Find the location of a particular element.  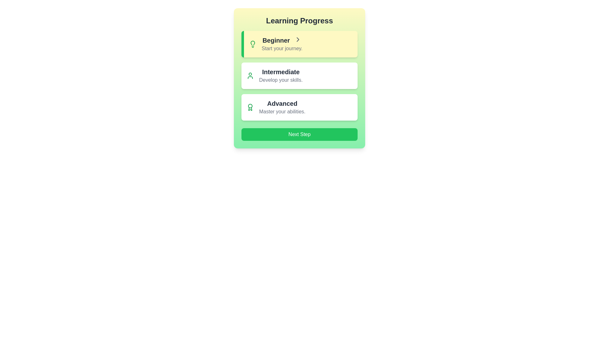

the decorative icon representing advanced level or achievement located in the 'Advanced' section, to the left of the 'Advanced Master your abilities.' text is located at coordinates (250, 107).